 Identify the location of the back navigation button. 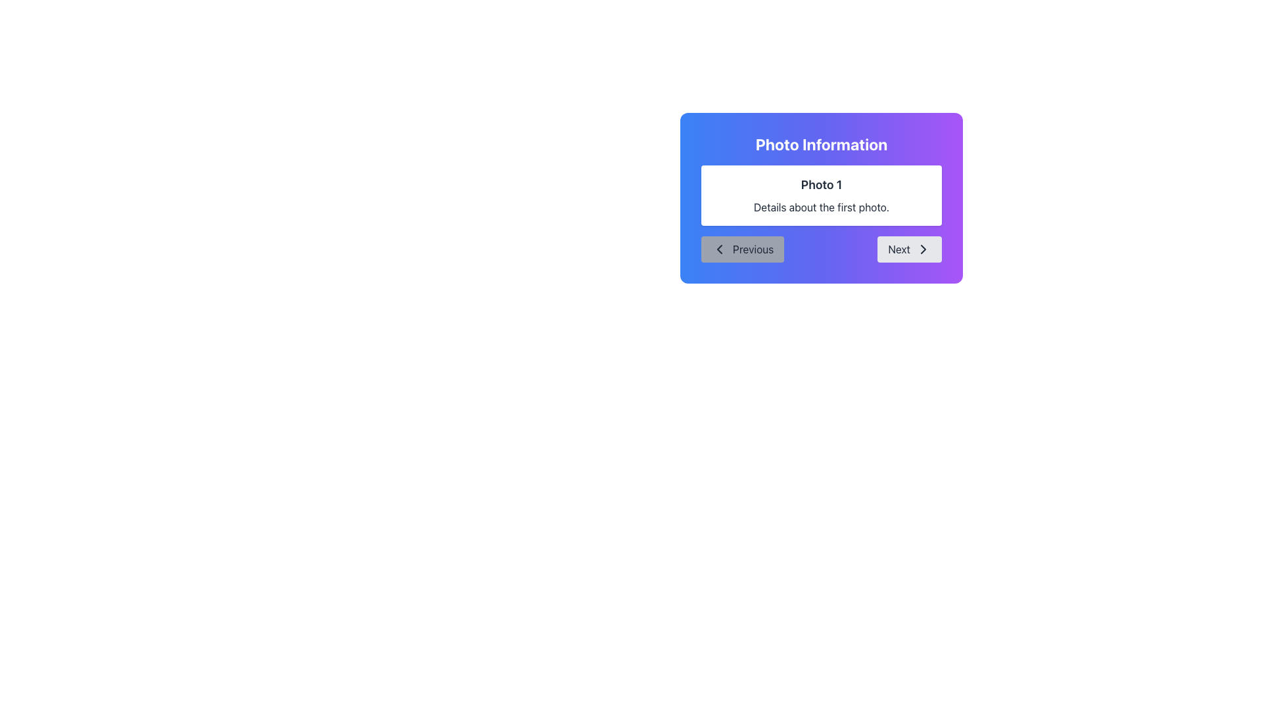
(742, 249).